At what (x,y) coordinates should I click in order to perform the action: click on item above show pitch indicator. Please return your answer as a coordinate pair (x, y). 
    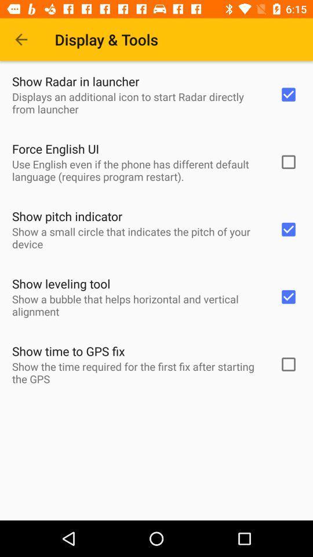
    Looking at the image, I should click on (138, 169).